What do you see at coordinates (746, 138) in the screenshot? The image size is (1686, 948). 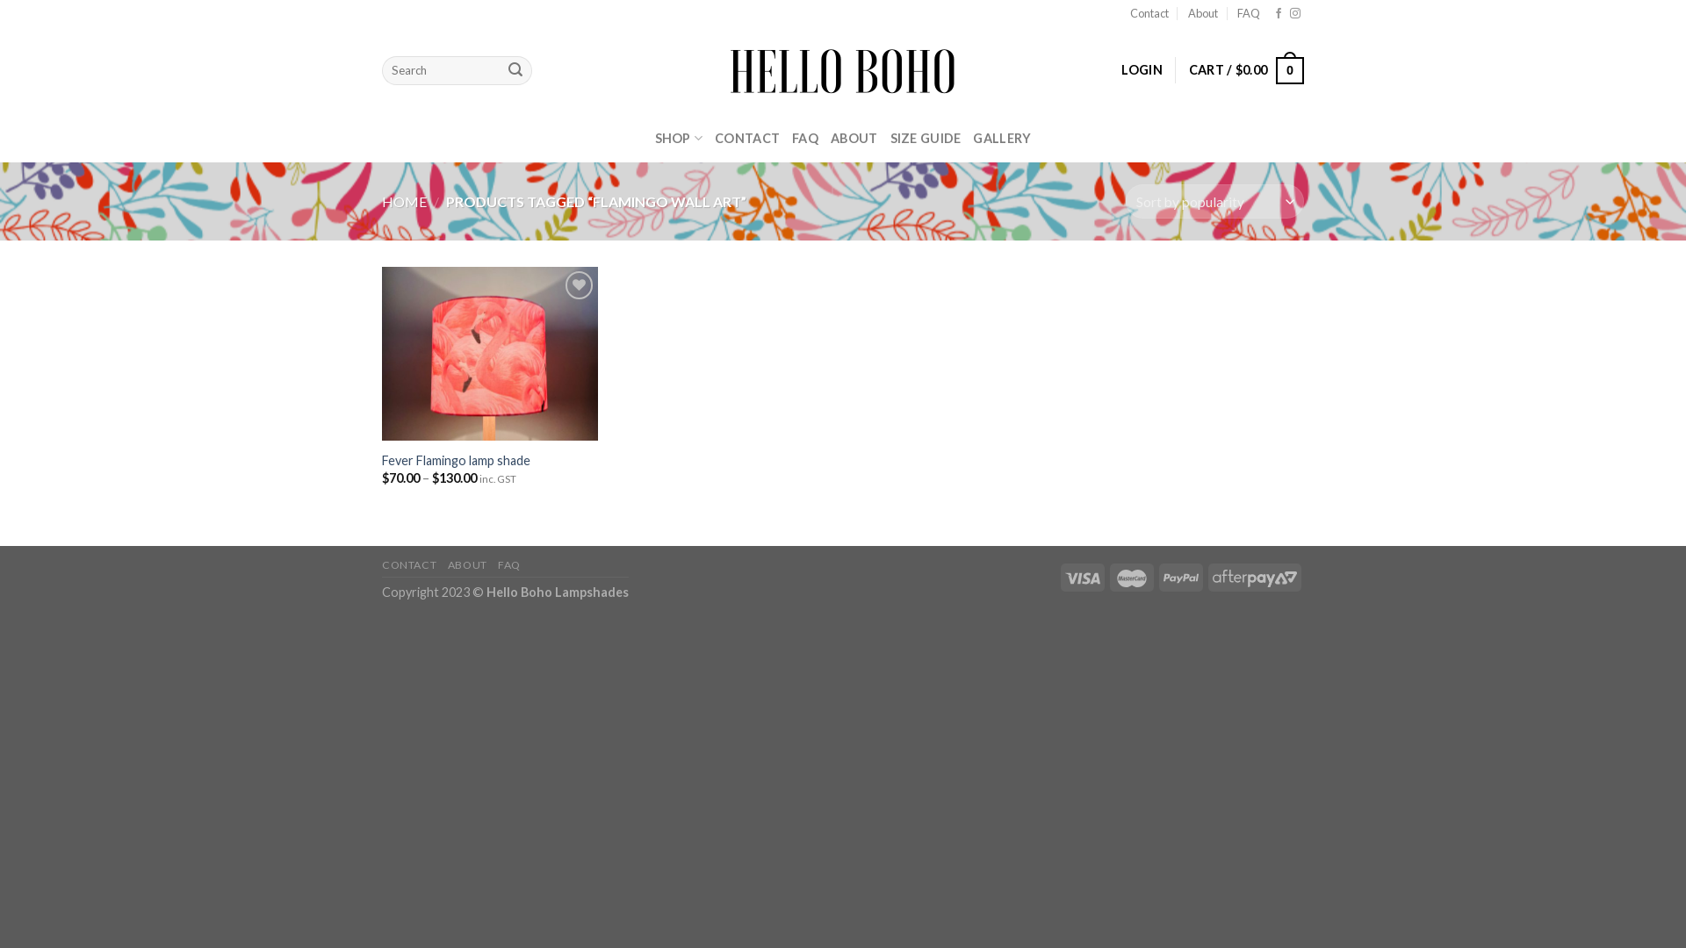 I see `'CONTACT'` at bounding box center [746, 138].